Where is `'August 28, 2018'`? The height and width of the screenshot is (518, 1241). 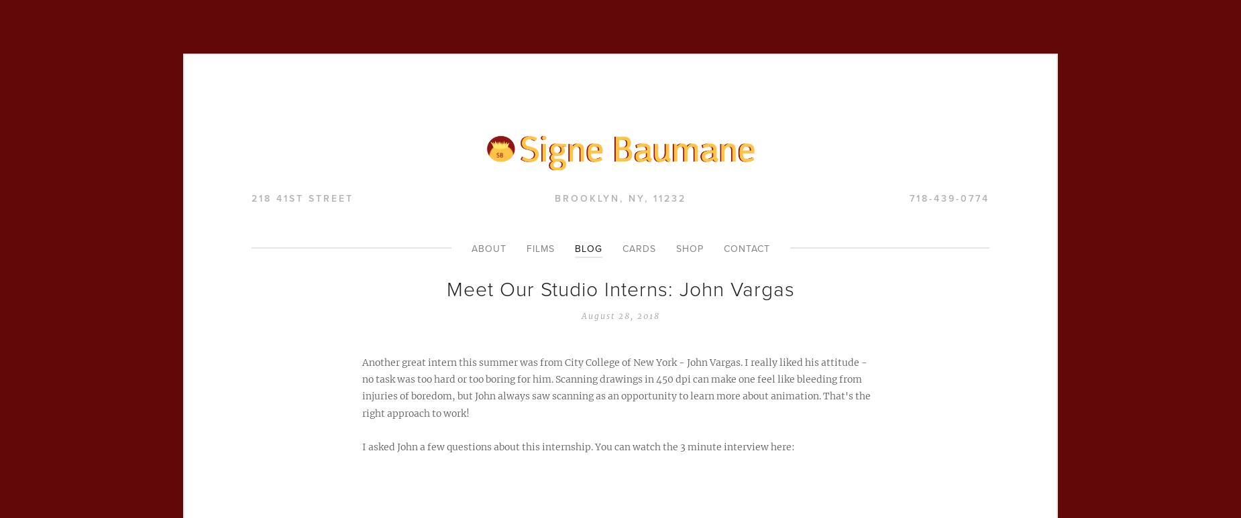 'August 28, 2018' is located at coordinates (620, 314).